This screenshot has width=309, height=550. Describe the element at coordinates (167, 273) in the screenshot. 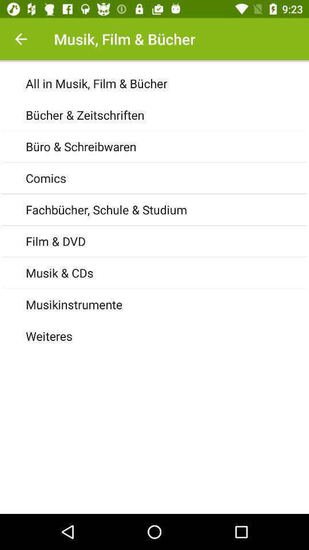

I see `musik & cds` at that location.